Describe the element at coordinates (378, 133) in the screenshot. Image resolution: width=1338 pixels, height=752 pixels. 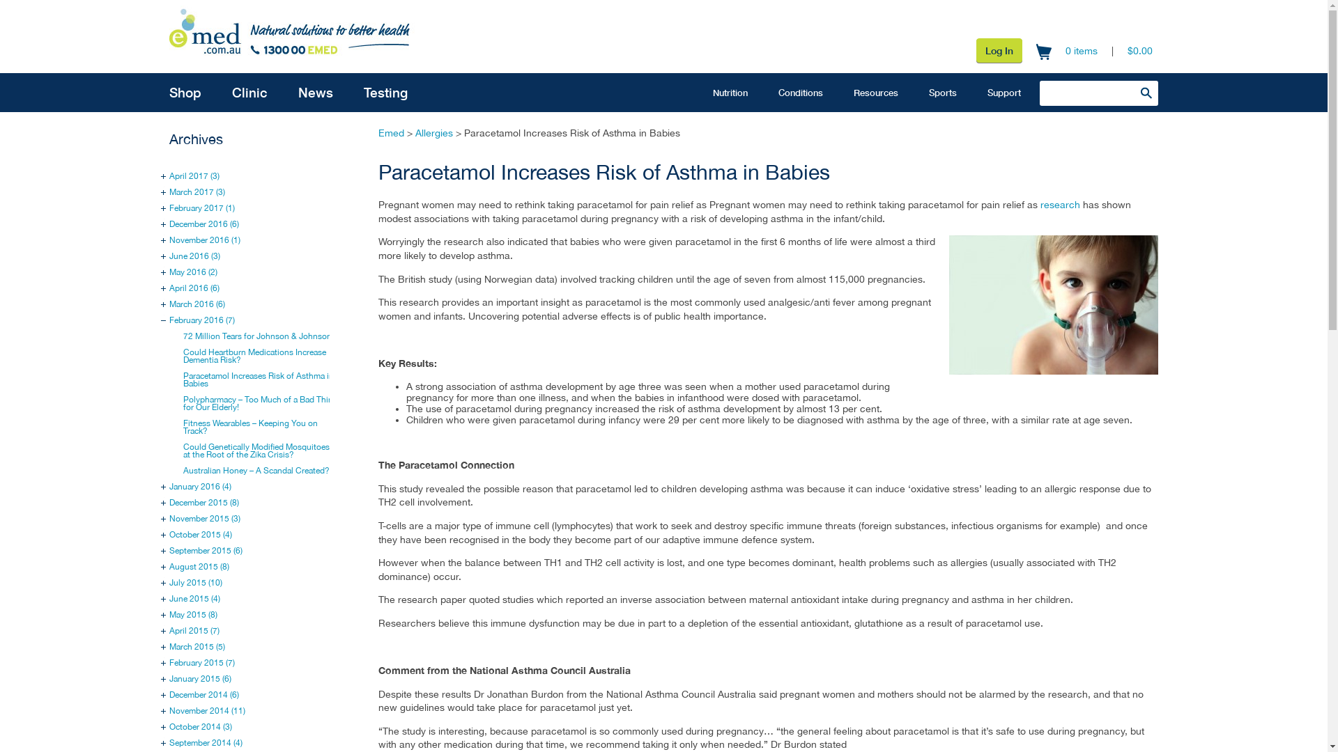
I see `'Emed'` at that location.